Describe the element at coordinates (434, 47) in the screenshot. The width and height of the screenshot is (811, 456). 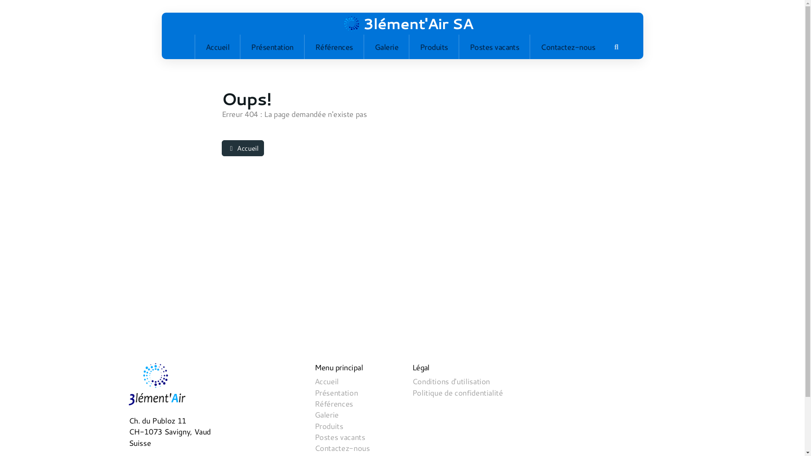
I see `'Produits'` at that location.